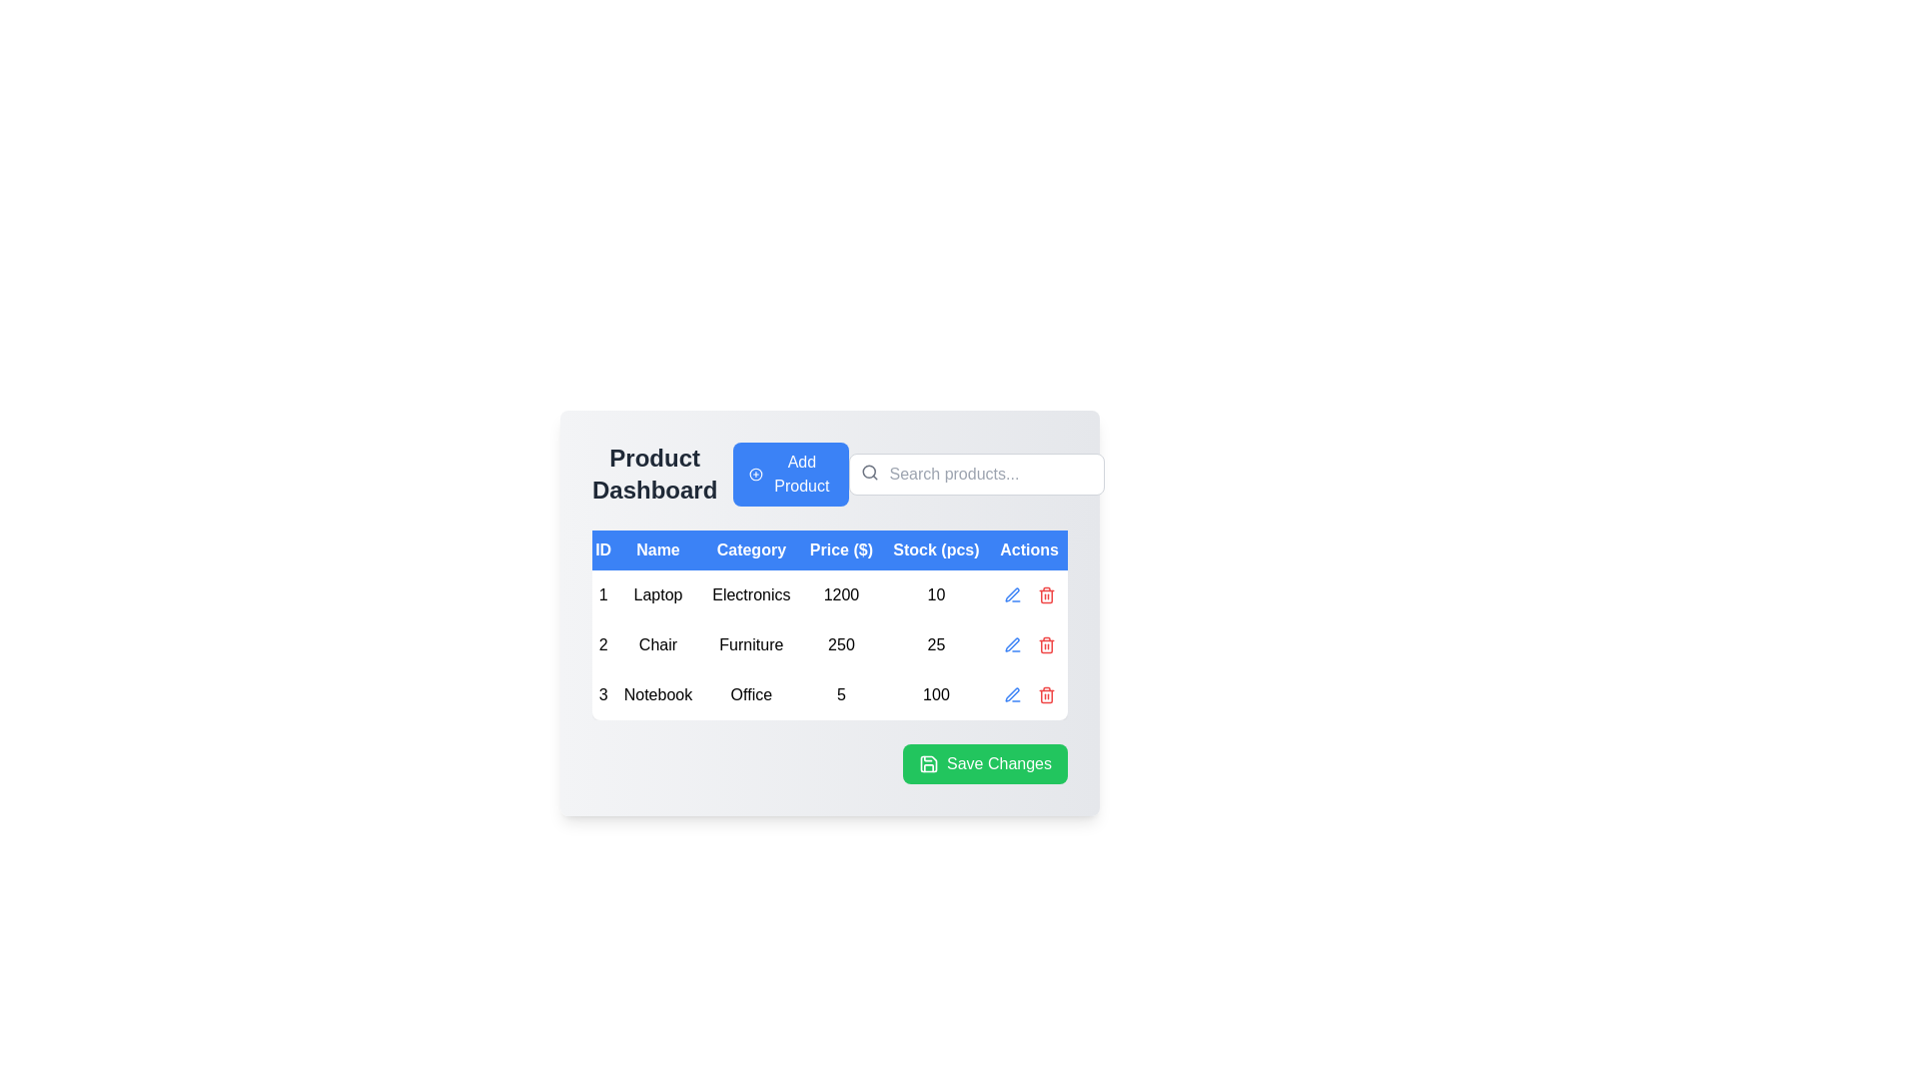 The image size is (1918, 1079). Describe the element at coordinates (928, 763) in the screenshot. I see `the minimalistic save icon located to the left of the 'Save Changes' button at the bottom-right section of the modal` at that location.